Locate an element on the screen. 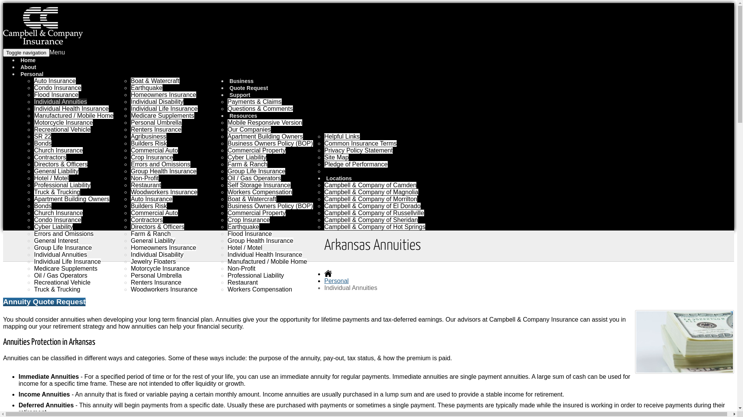  'About' is located at coordinates (19, 66).